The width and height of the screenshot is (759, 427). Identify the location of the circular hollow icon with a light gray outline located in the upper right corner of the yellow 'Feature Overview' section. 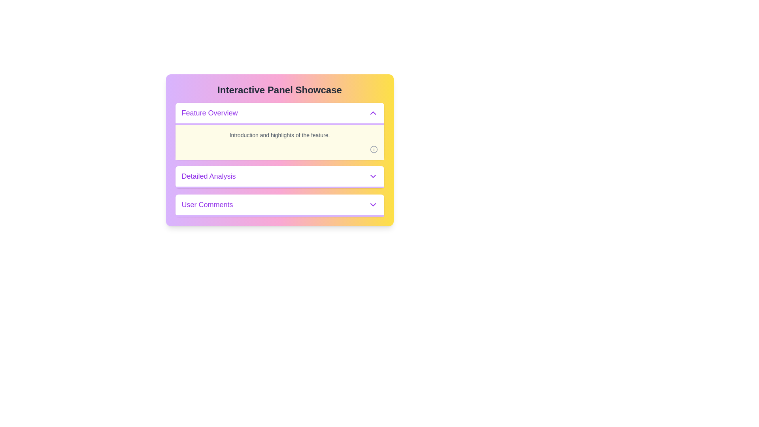
(373, 149).